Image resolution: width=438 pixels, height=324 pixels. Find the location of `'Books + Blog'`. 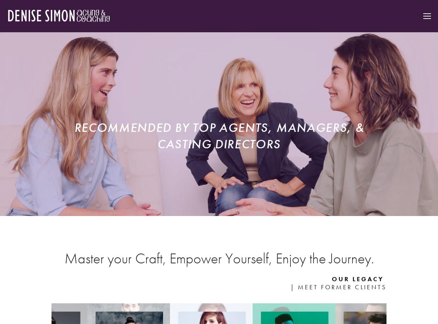

'Books + Blog' is located at coordinates (378, 48).